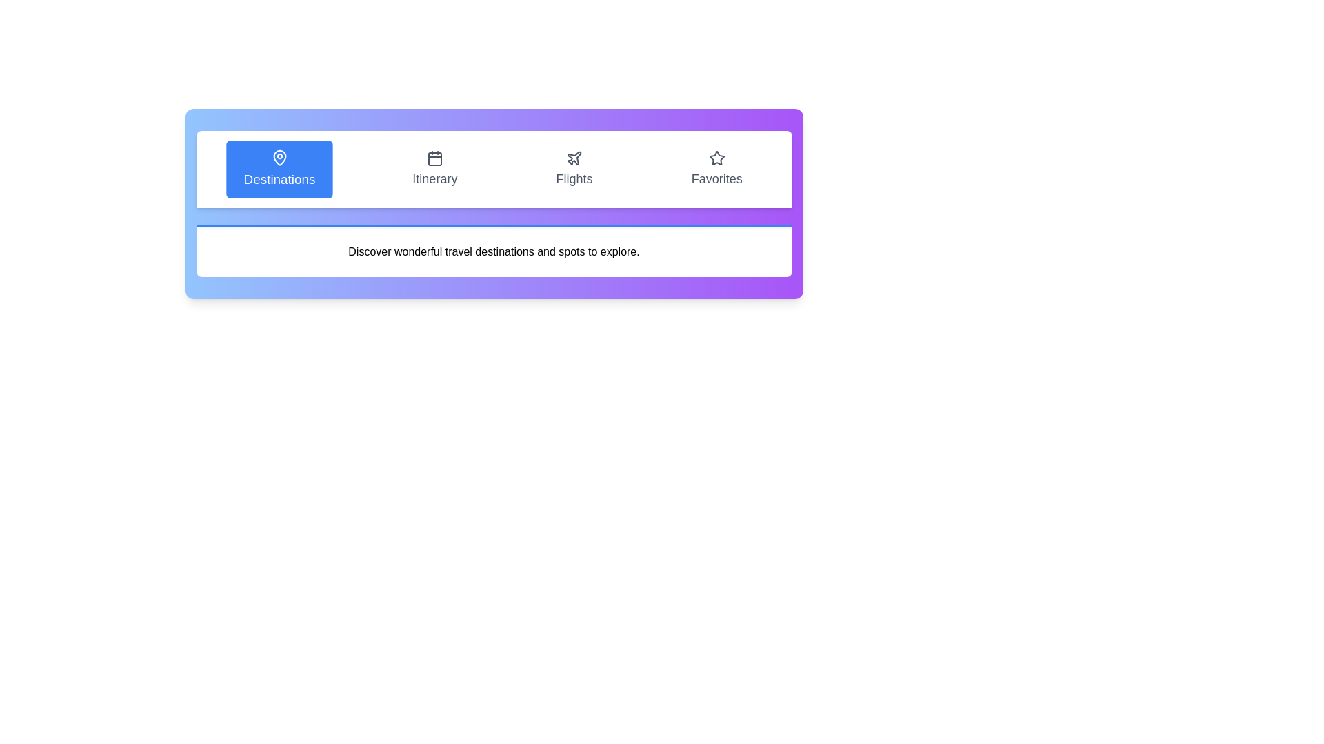  What do you see at coordinates (716, 169) in the screenshot?
I see `the Favorites tab to observe visual feedback` at bounding box center [716, 169].